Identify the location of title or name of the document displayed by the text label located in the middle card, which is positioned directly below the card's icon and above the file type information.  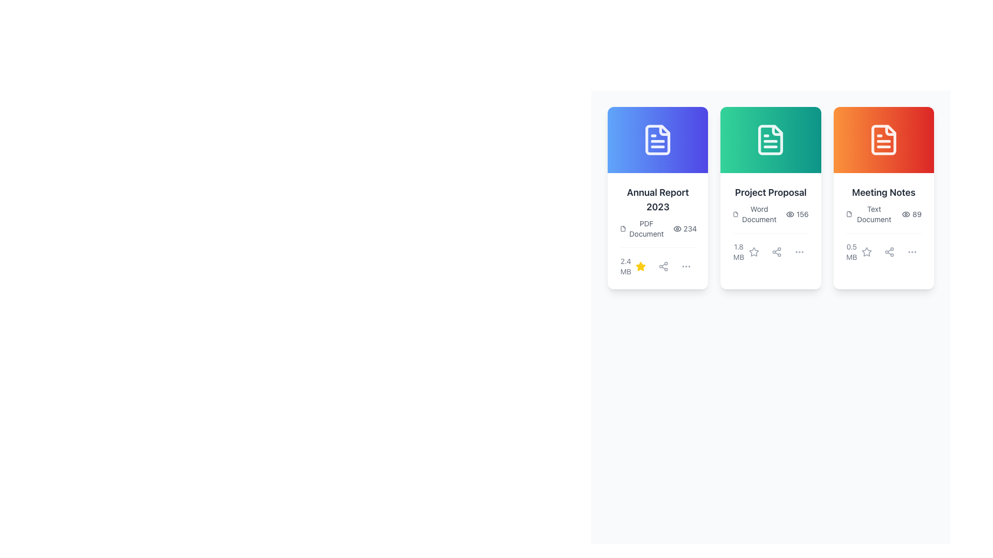
(771, 193).